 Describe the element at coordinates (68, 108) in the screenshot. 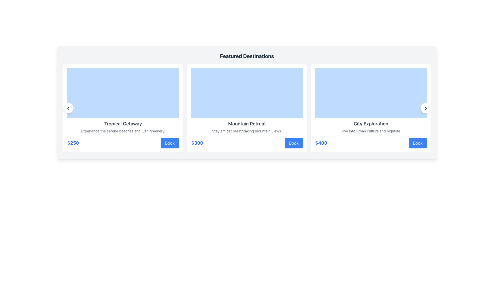

I see `the chevron-shaped left-pointing arrow icon button located in the top left corner of the 'Tropical Getaway' card` at that location.